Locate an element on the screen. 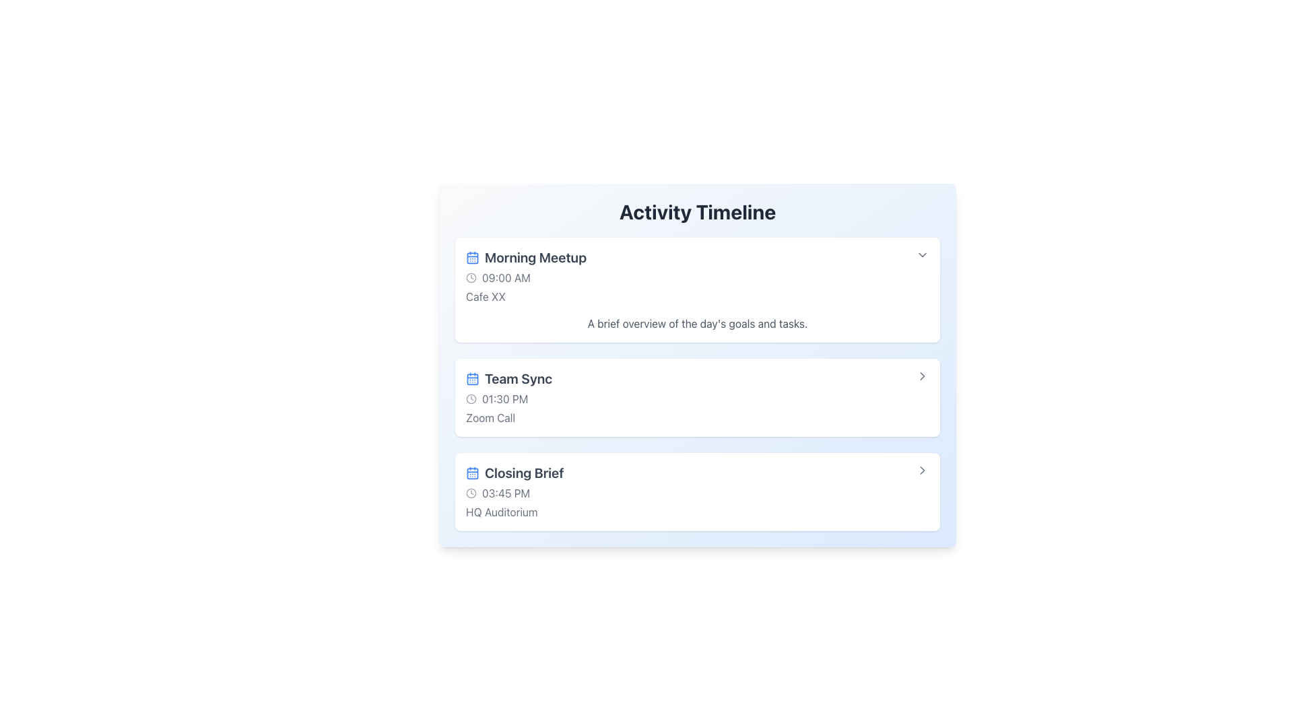 The width and height of the screenshot is (1293, 727). the circular graphical icon element associated with the 'Closing Brief' activity near the clock icon displaying '03:45 PM' is located at coordinates (471, 493).